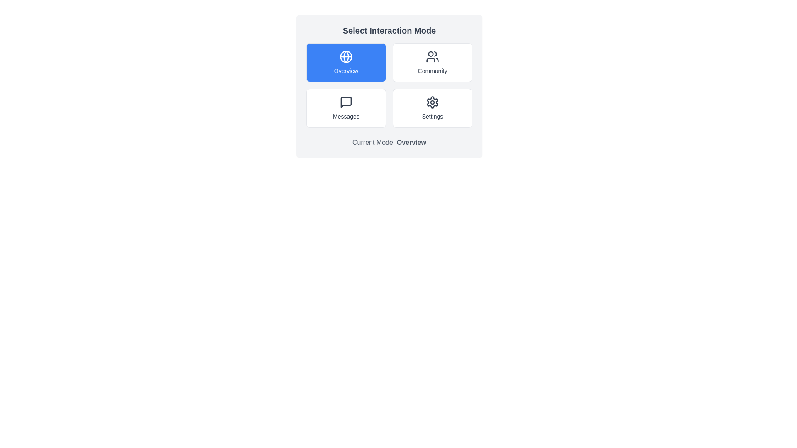 The height and width of the screenshot is (448, 797). I want to click on the button corresponding to the interaction mode Community, so click(432, 62).